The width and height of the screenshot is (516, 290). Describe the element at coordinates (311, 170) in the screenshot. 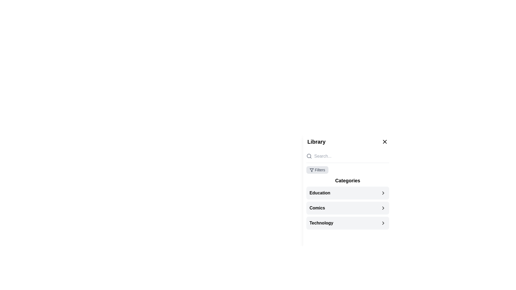

I see `the triangular filter icon located within the 'Filters' section at the top-left corner of the 'Library' panel` at that location.